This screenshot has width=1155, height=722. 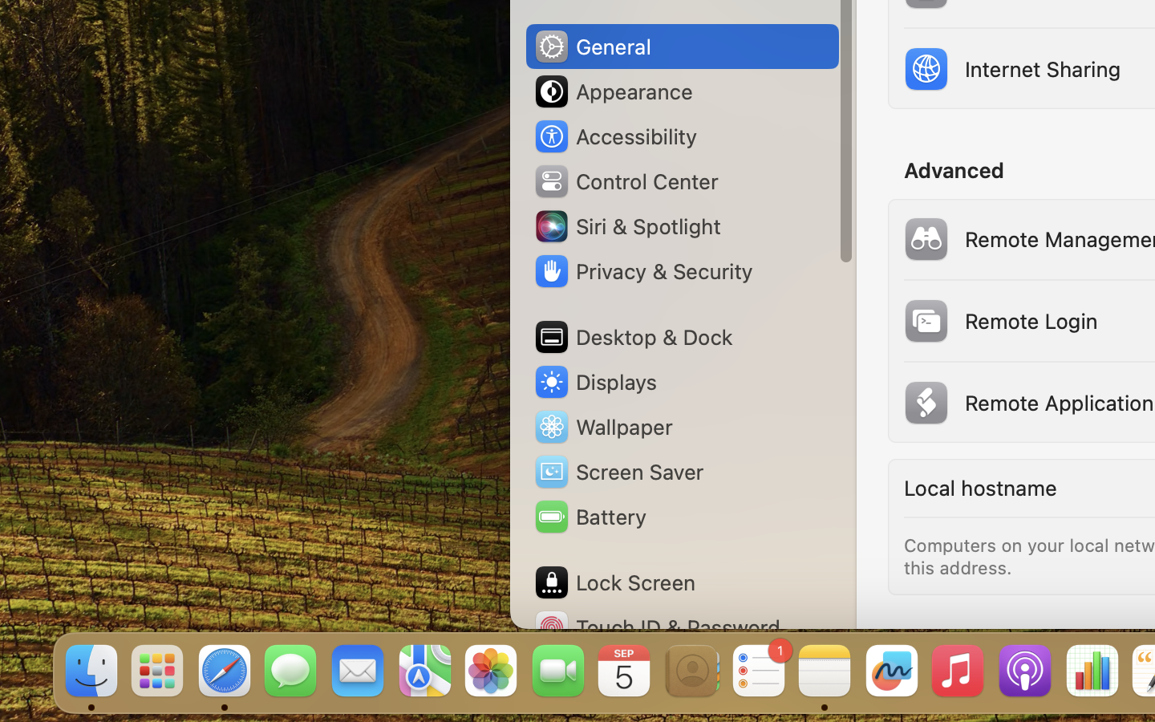 What do you see at coordinates (594, 381) in the screenshot?
I see `'Displays'` at bounding box center [594, 381].